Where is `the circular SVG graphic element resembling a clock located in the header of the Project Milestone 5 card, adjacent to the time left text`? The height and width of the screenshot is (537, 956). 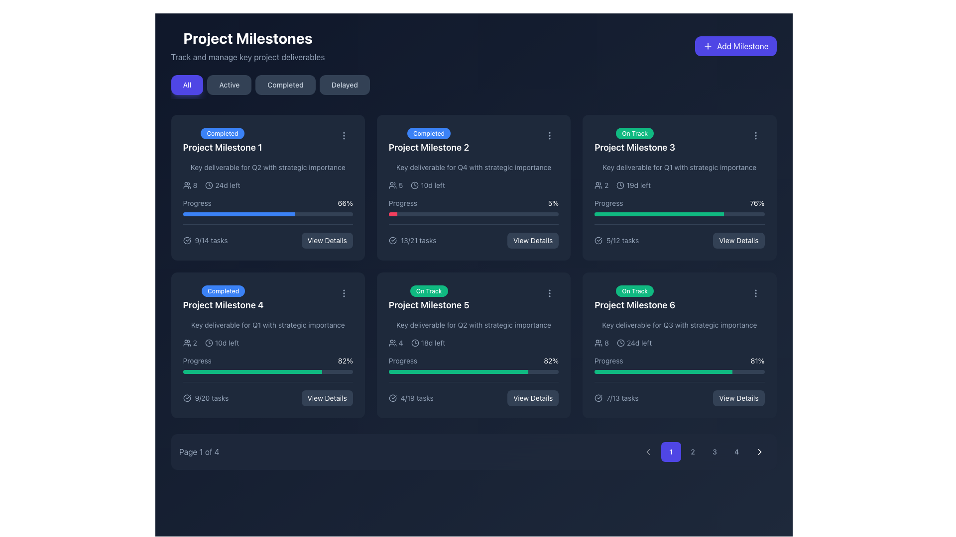 the circular SVG graphic element resembling a clock located in the header of the Project Milestone 5 card, adjacent to the time left text is located at coordinates (415, 343).